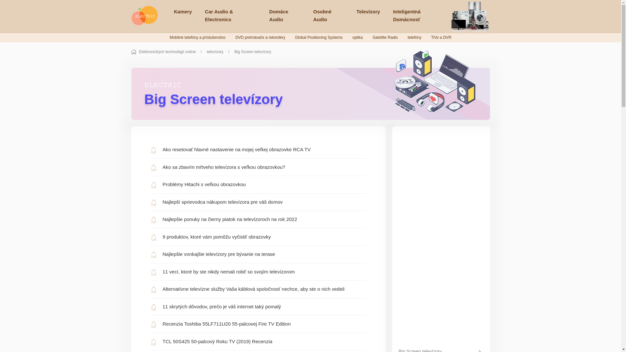 The height and width of the screenshot is (352, 626). What do you see at coordinates (441, 37) in the screenshot?
I see `'TiVo a DVR'` at bounding box center [441, 37].